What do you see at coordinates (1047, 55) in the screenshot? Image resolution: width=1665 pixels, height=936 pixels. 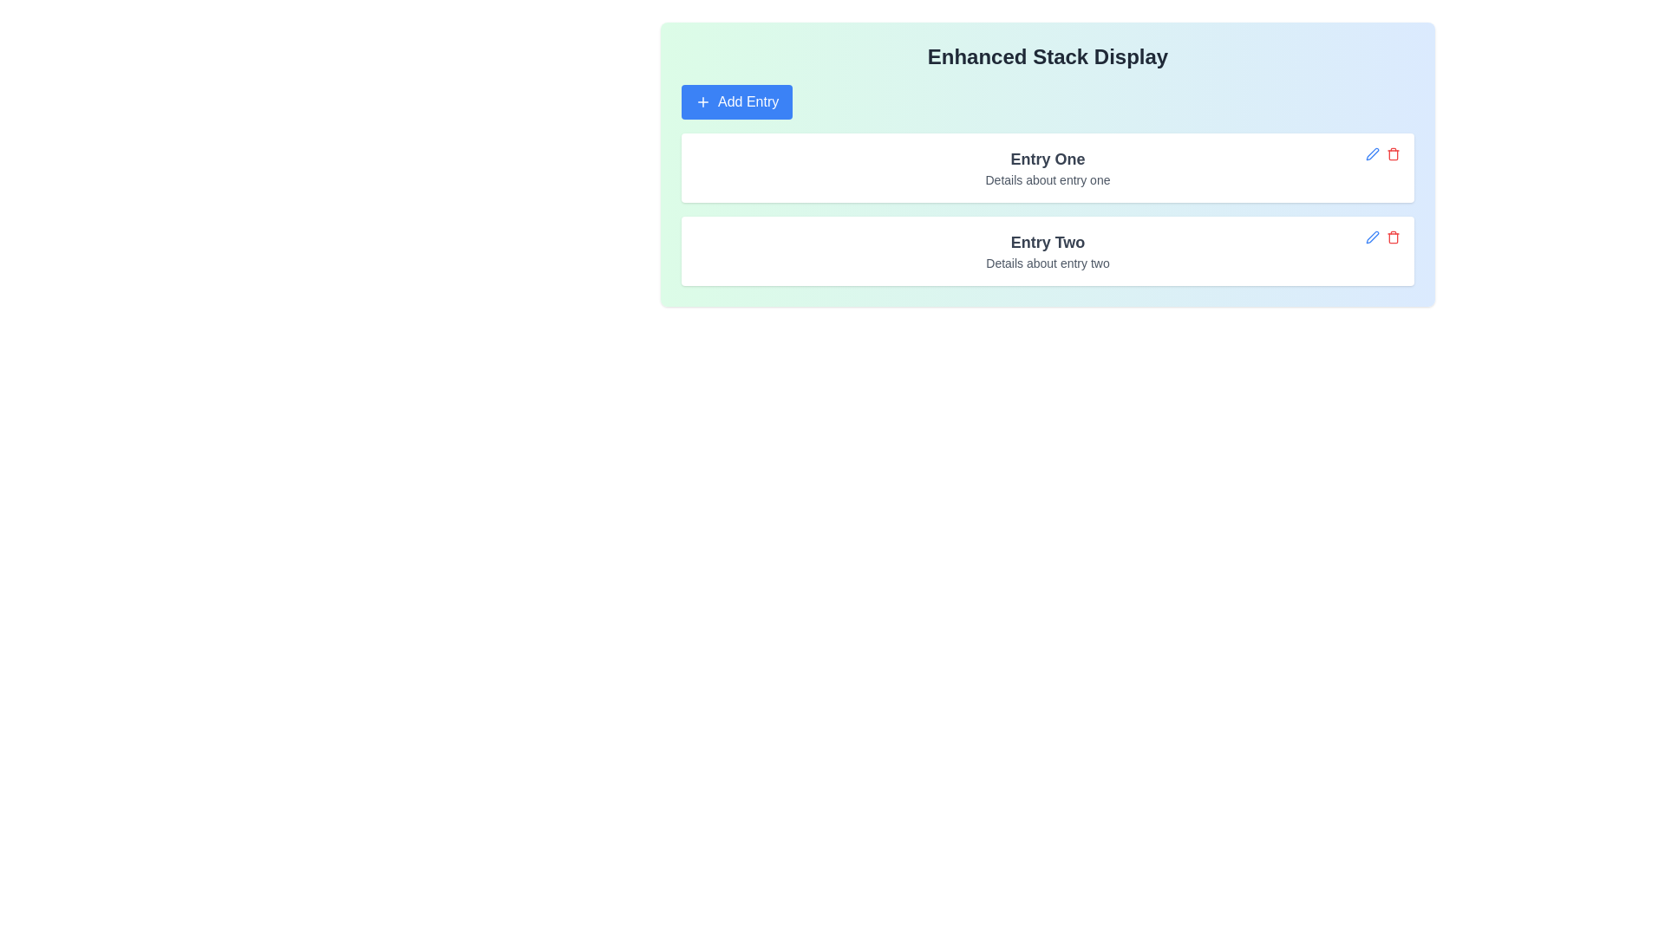 I see `the header text element displaying 'Enhanced Stack Display', which is styled in bold large font and positioned at the top of the card-like section` at bounding box center [1047, 55].